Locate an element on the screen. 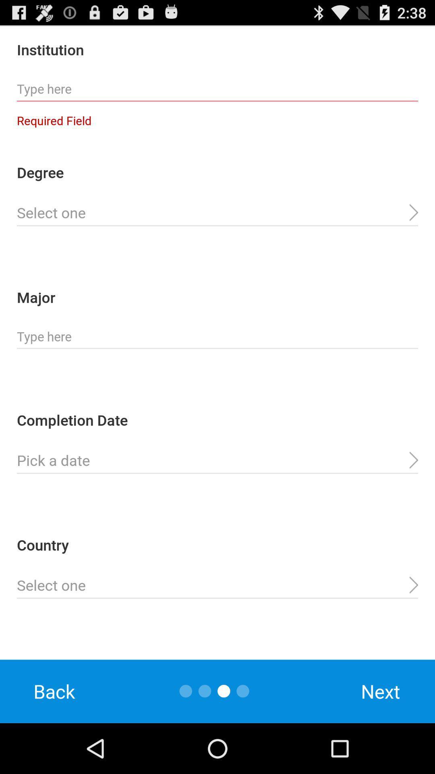 Image resolution: width=435 pixels, height=774 pixels. type major is located at coordinates (217, 337).